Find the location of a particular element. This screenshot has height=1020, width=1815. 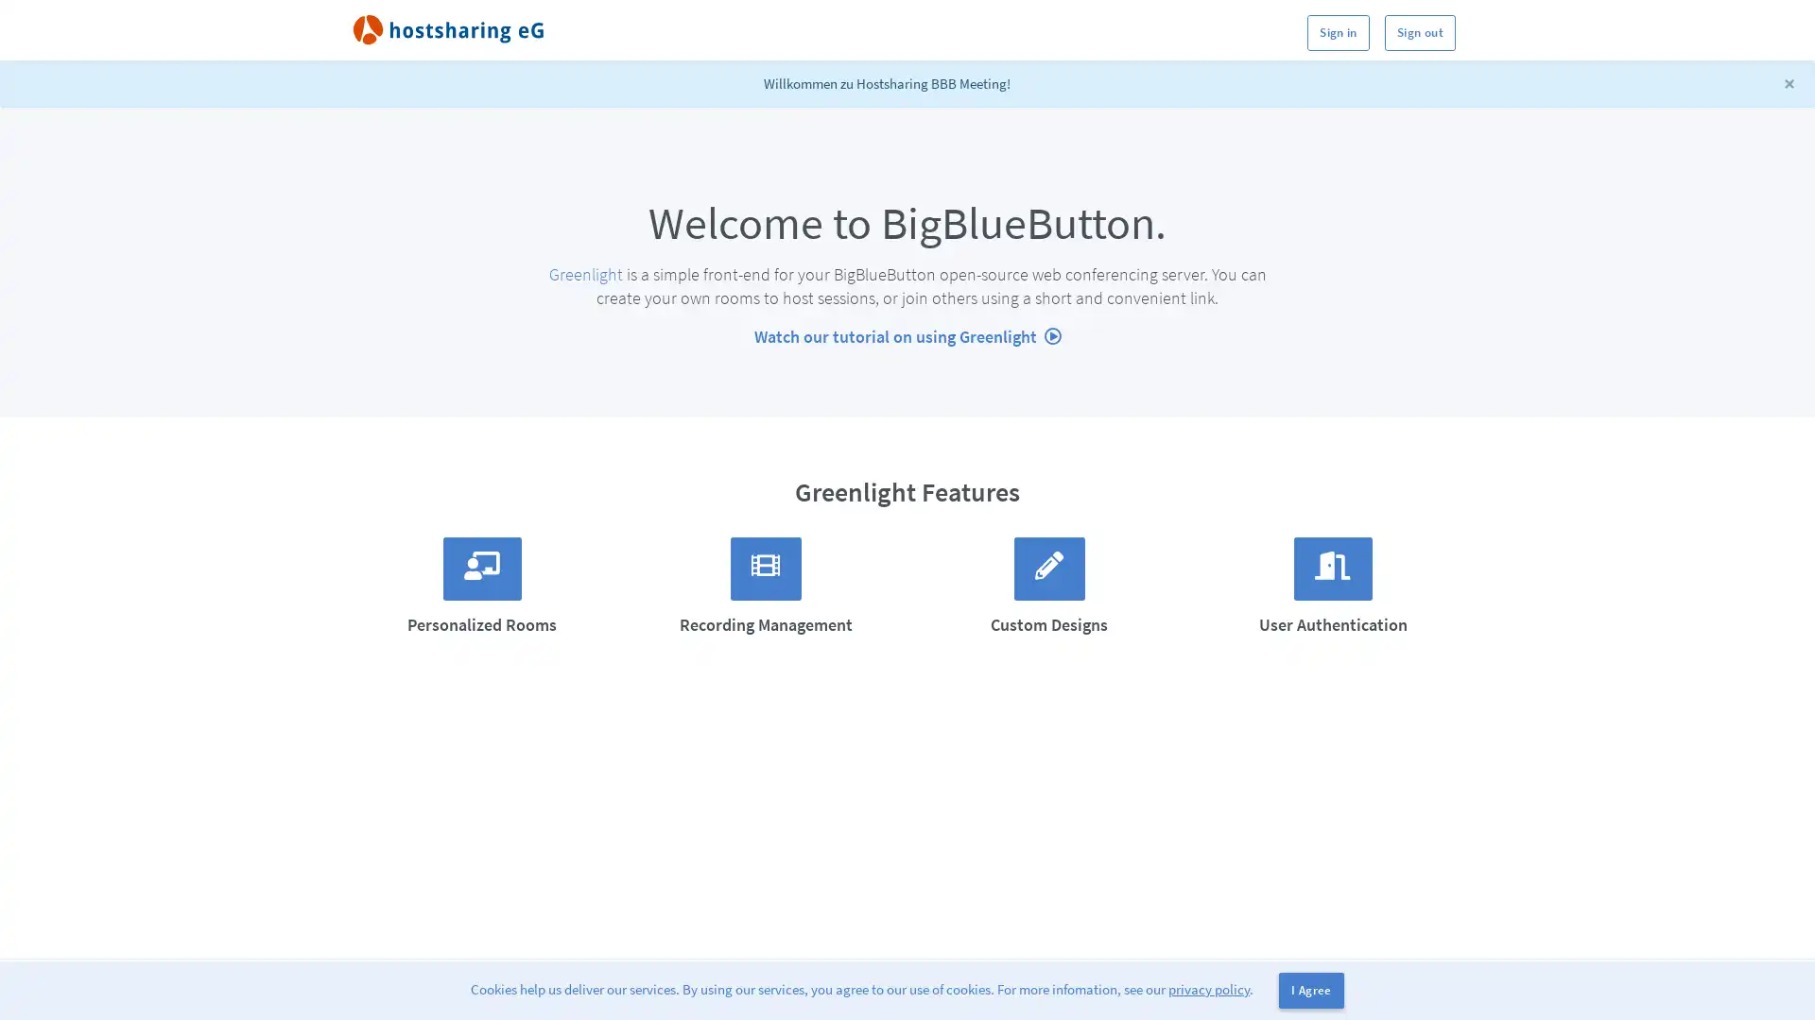

I Agree is located at coordinates (1310, 990).